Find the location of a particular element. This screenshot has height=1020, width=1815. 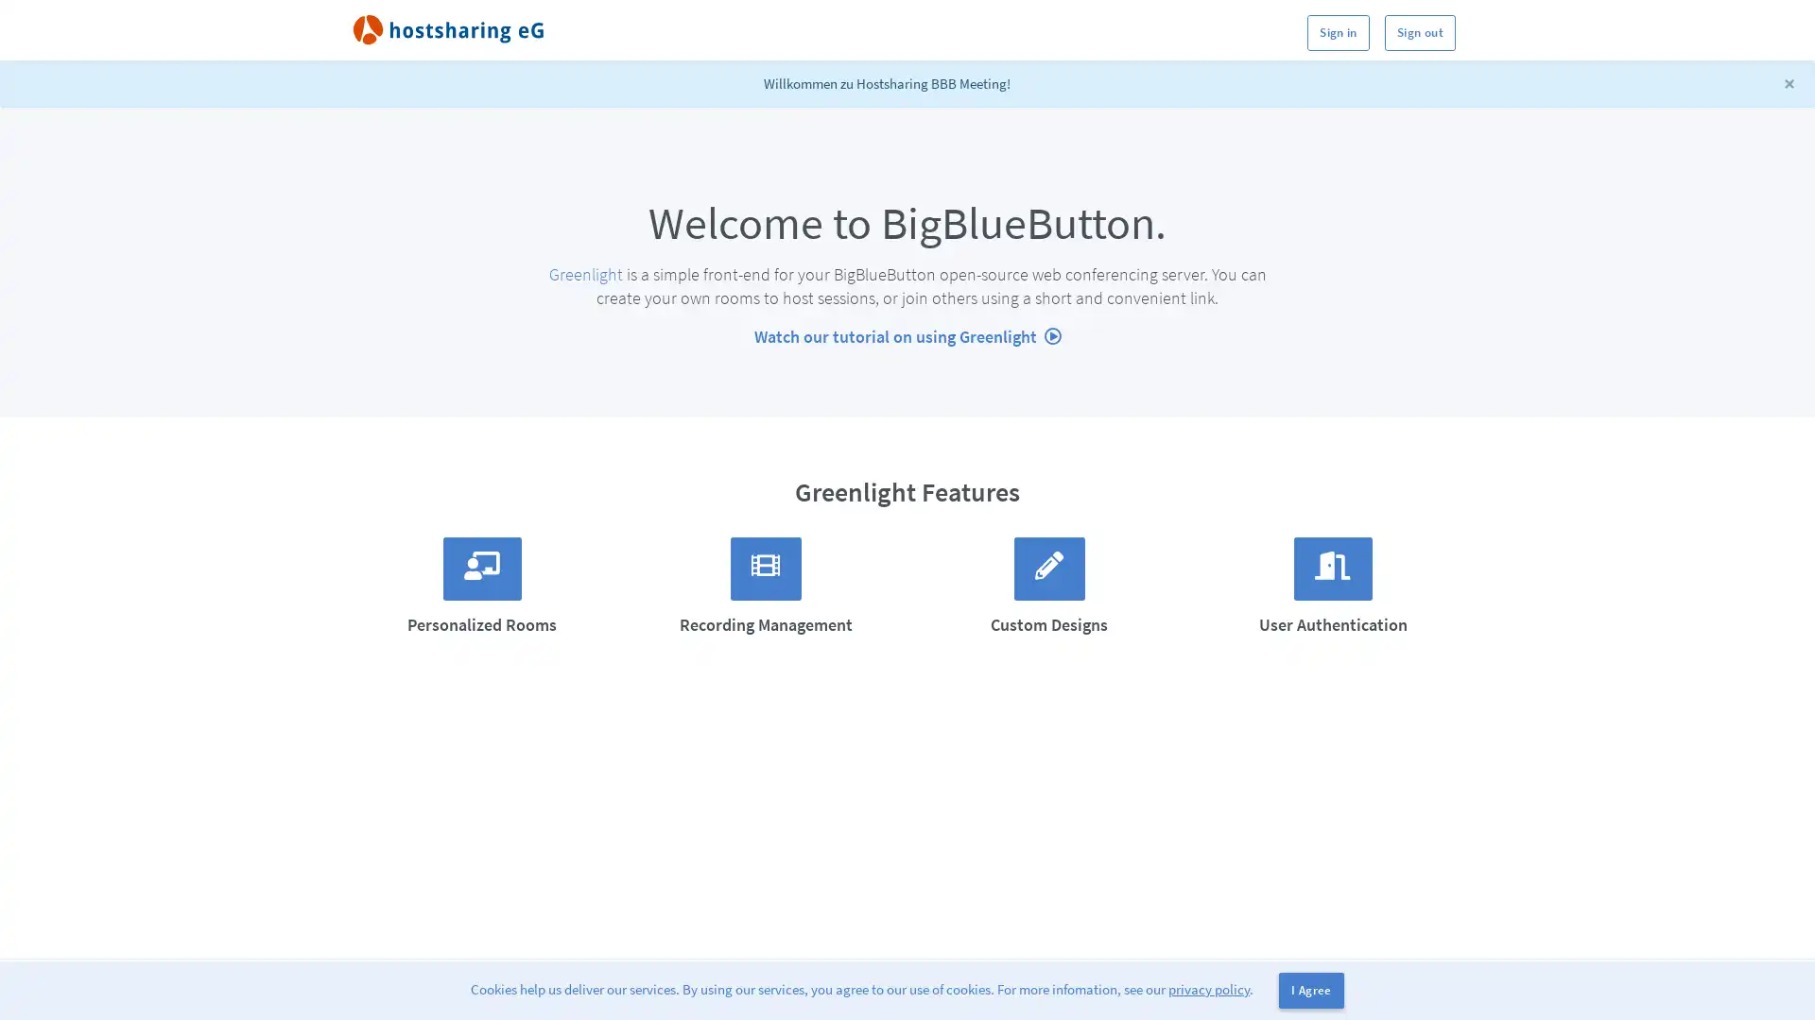

I Agree is located at coordinates (1310, 990).